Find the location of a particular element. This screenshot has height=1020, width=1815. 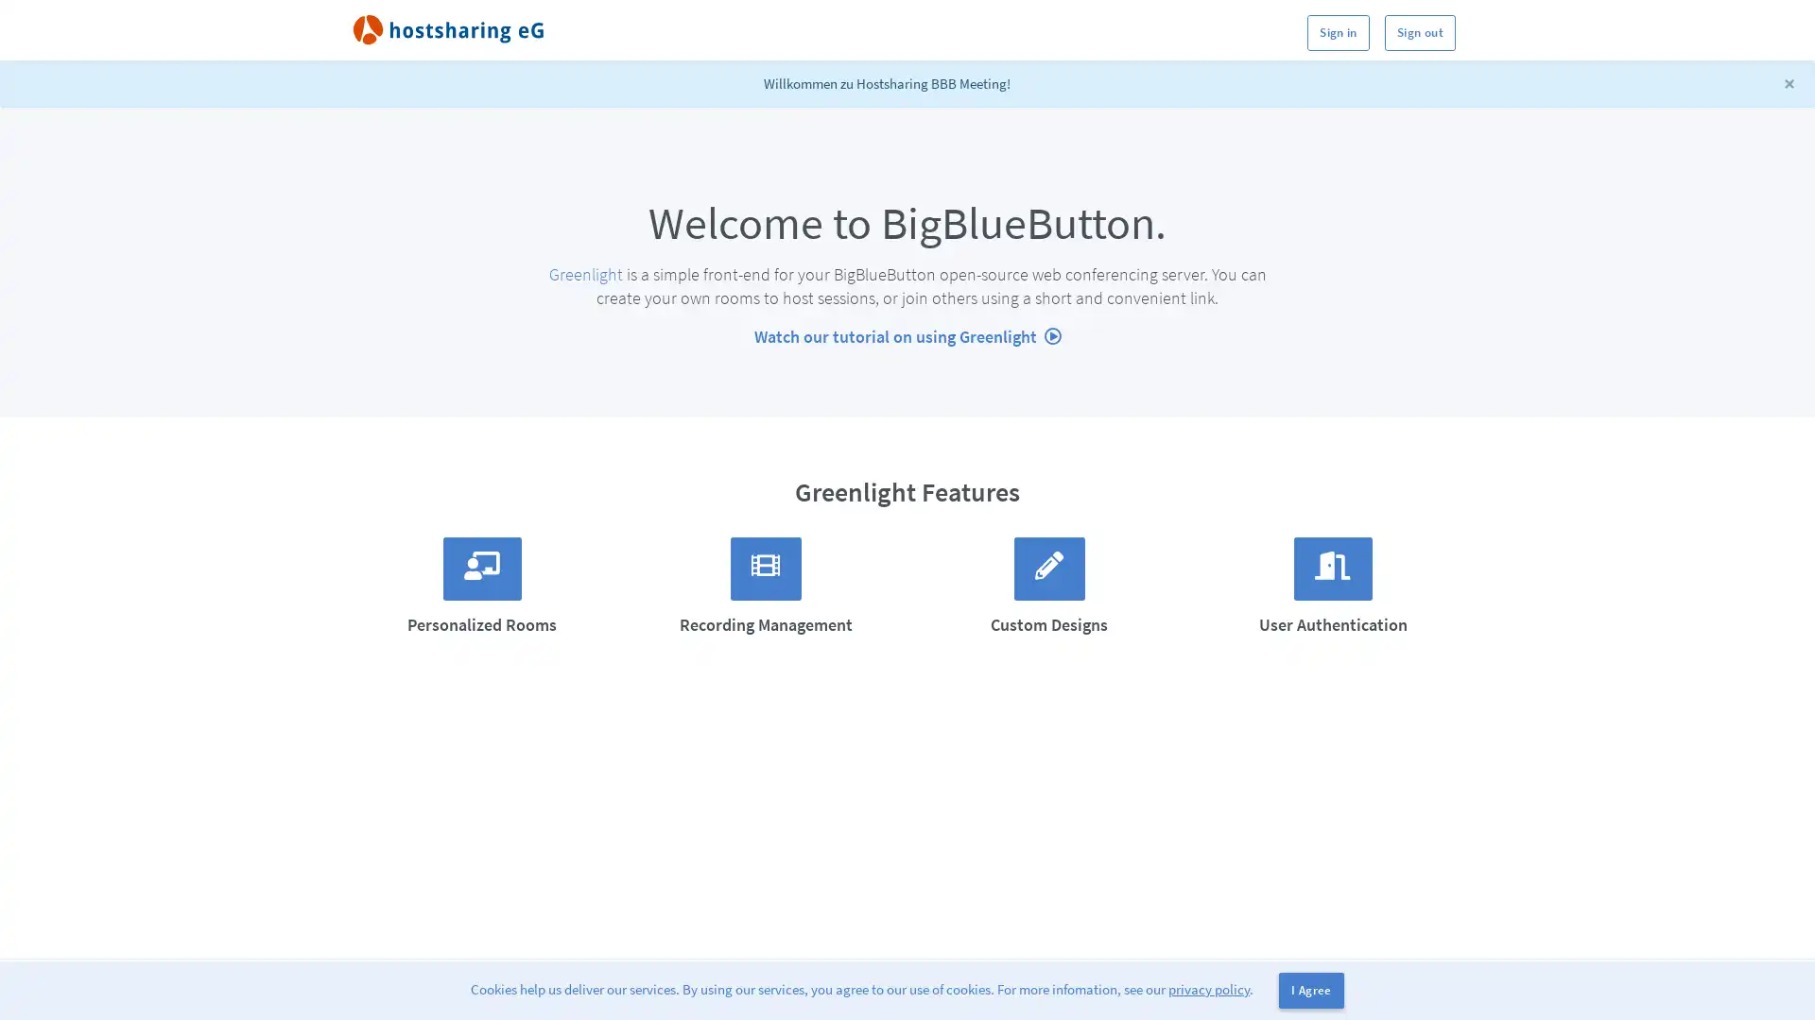

I Agree is located at coordinates (1310, 990).